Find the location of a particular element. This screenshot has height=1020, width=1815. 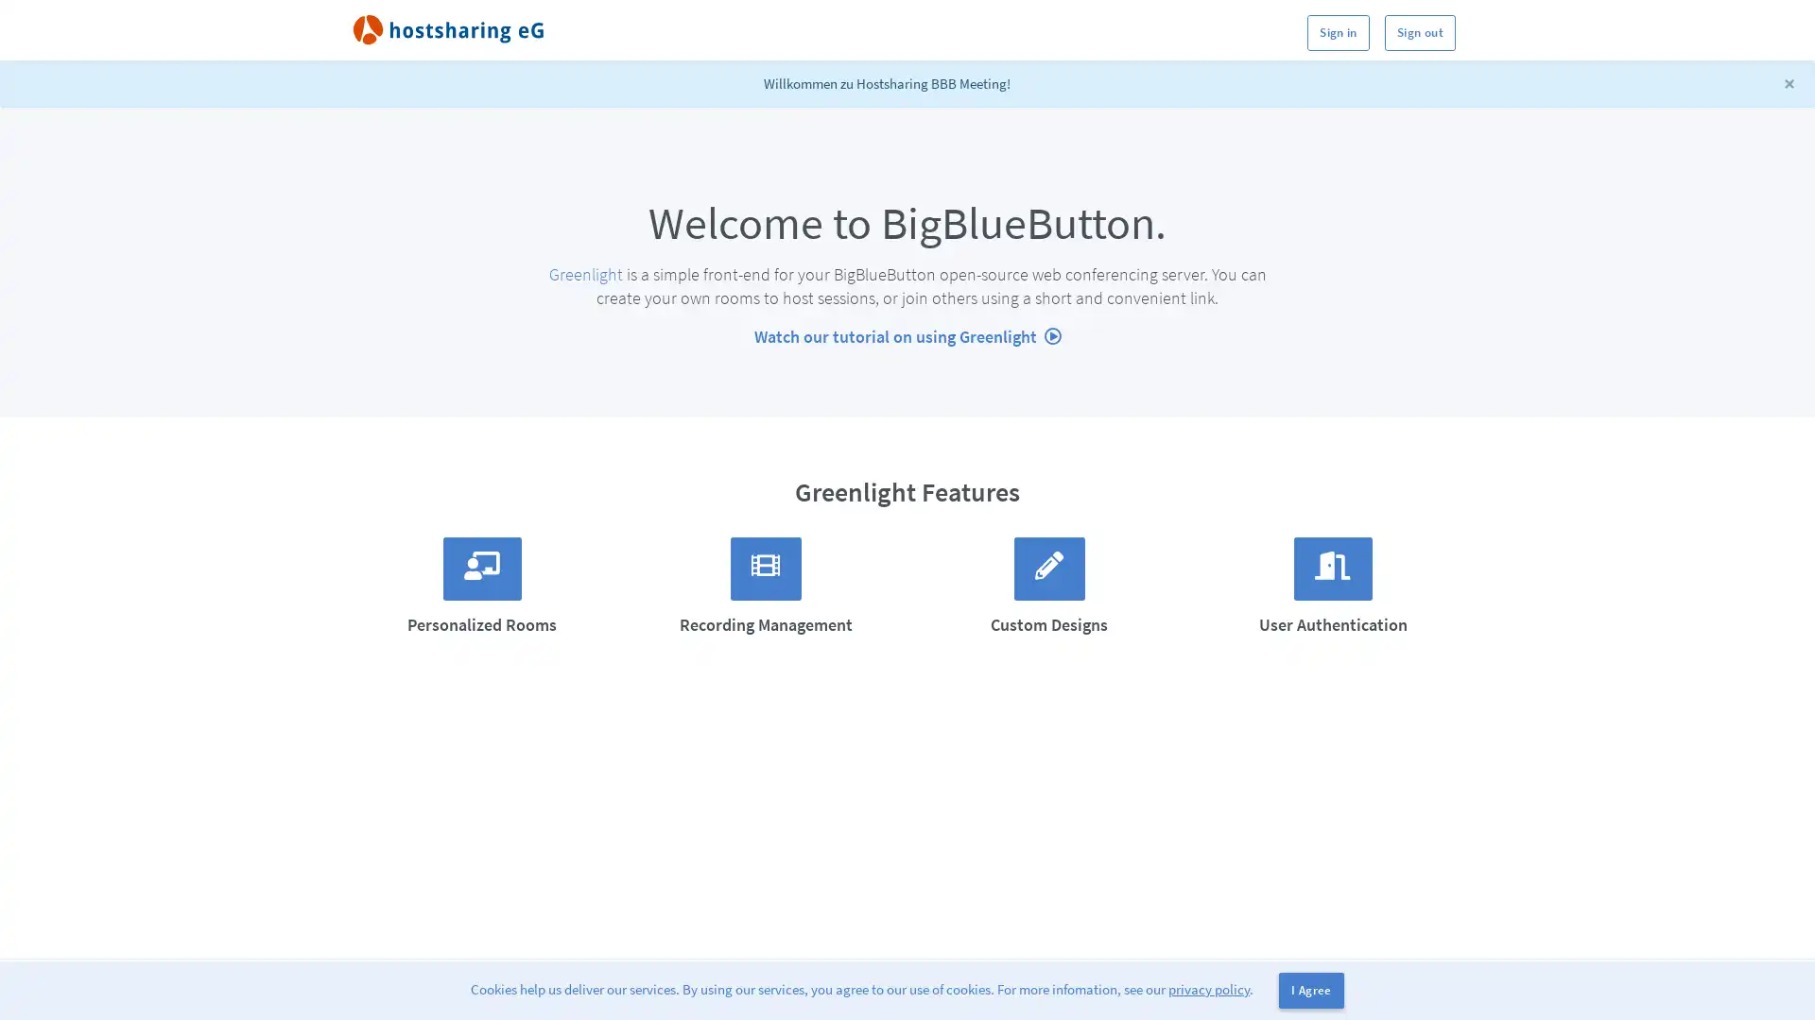

I Agree is located at coordinates (1310, 990).